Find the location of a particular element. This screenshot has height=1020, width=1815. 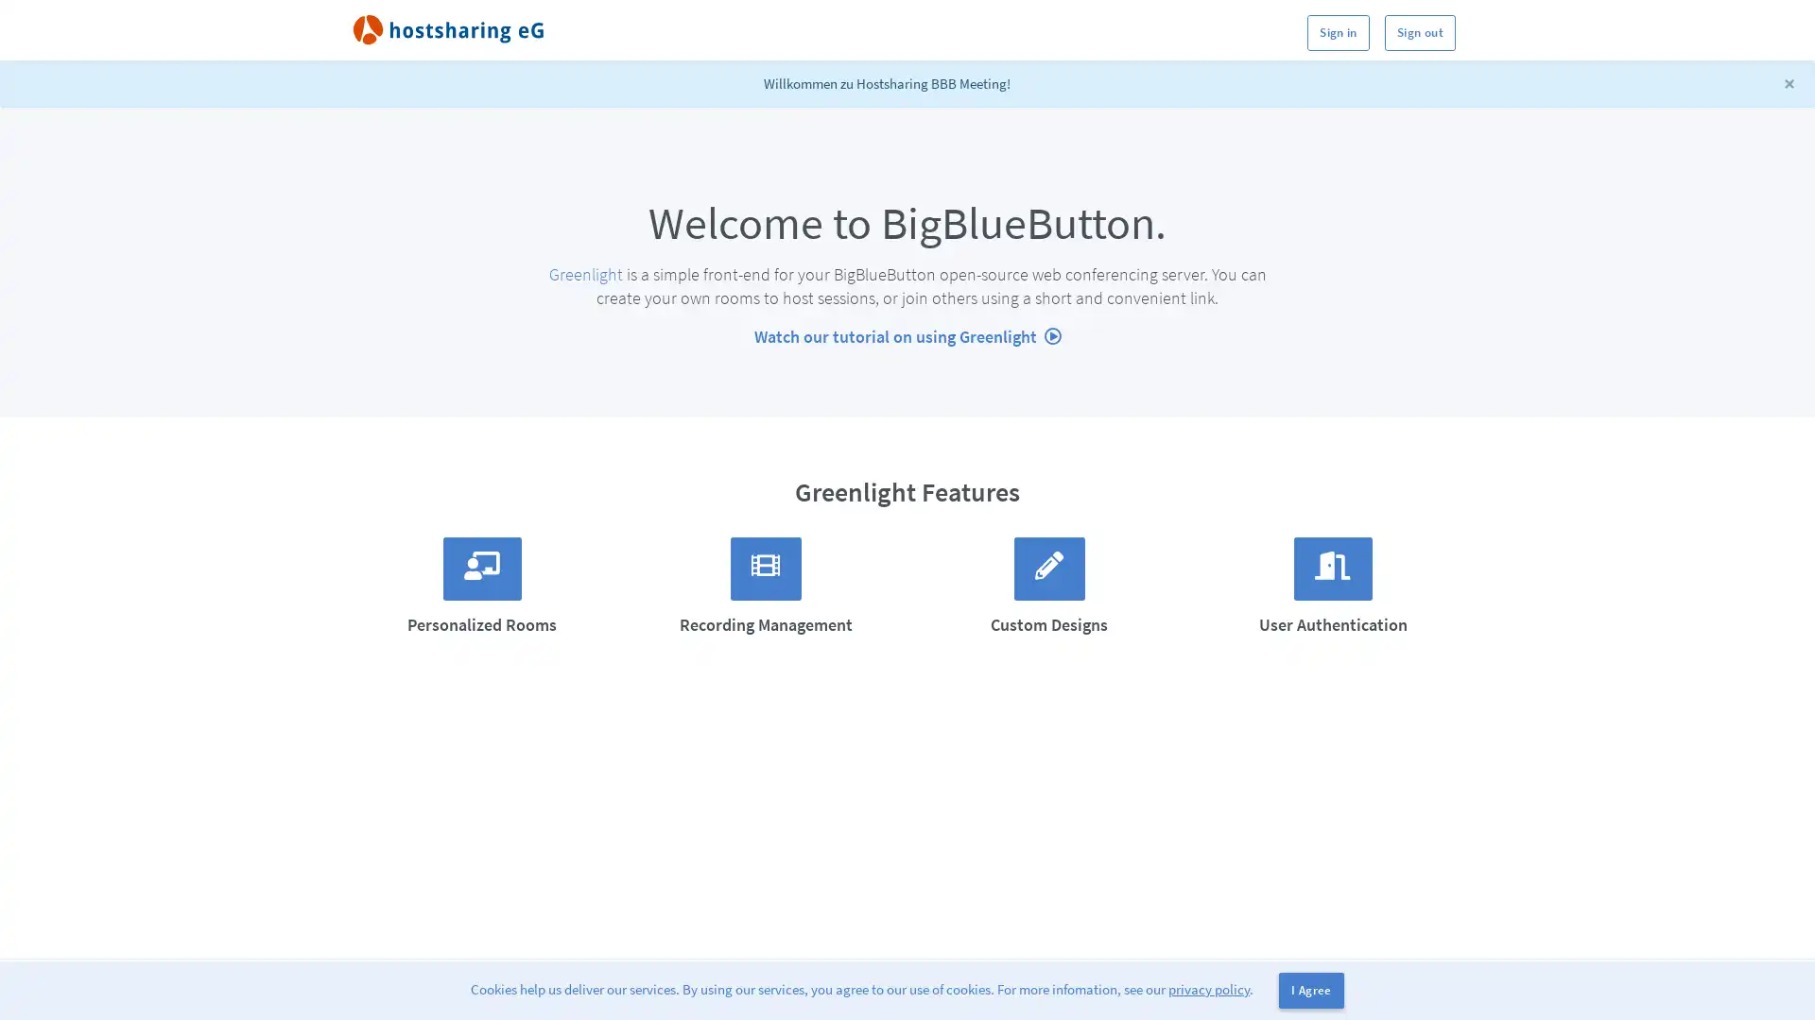

I Agree is located at coordinates (1310, 990).